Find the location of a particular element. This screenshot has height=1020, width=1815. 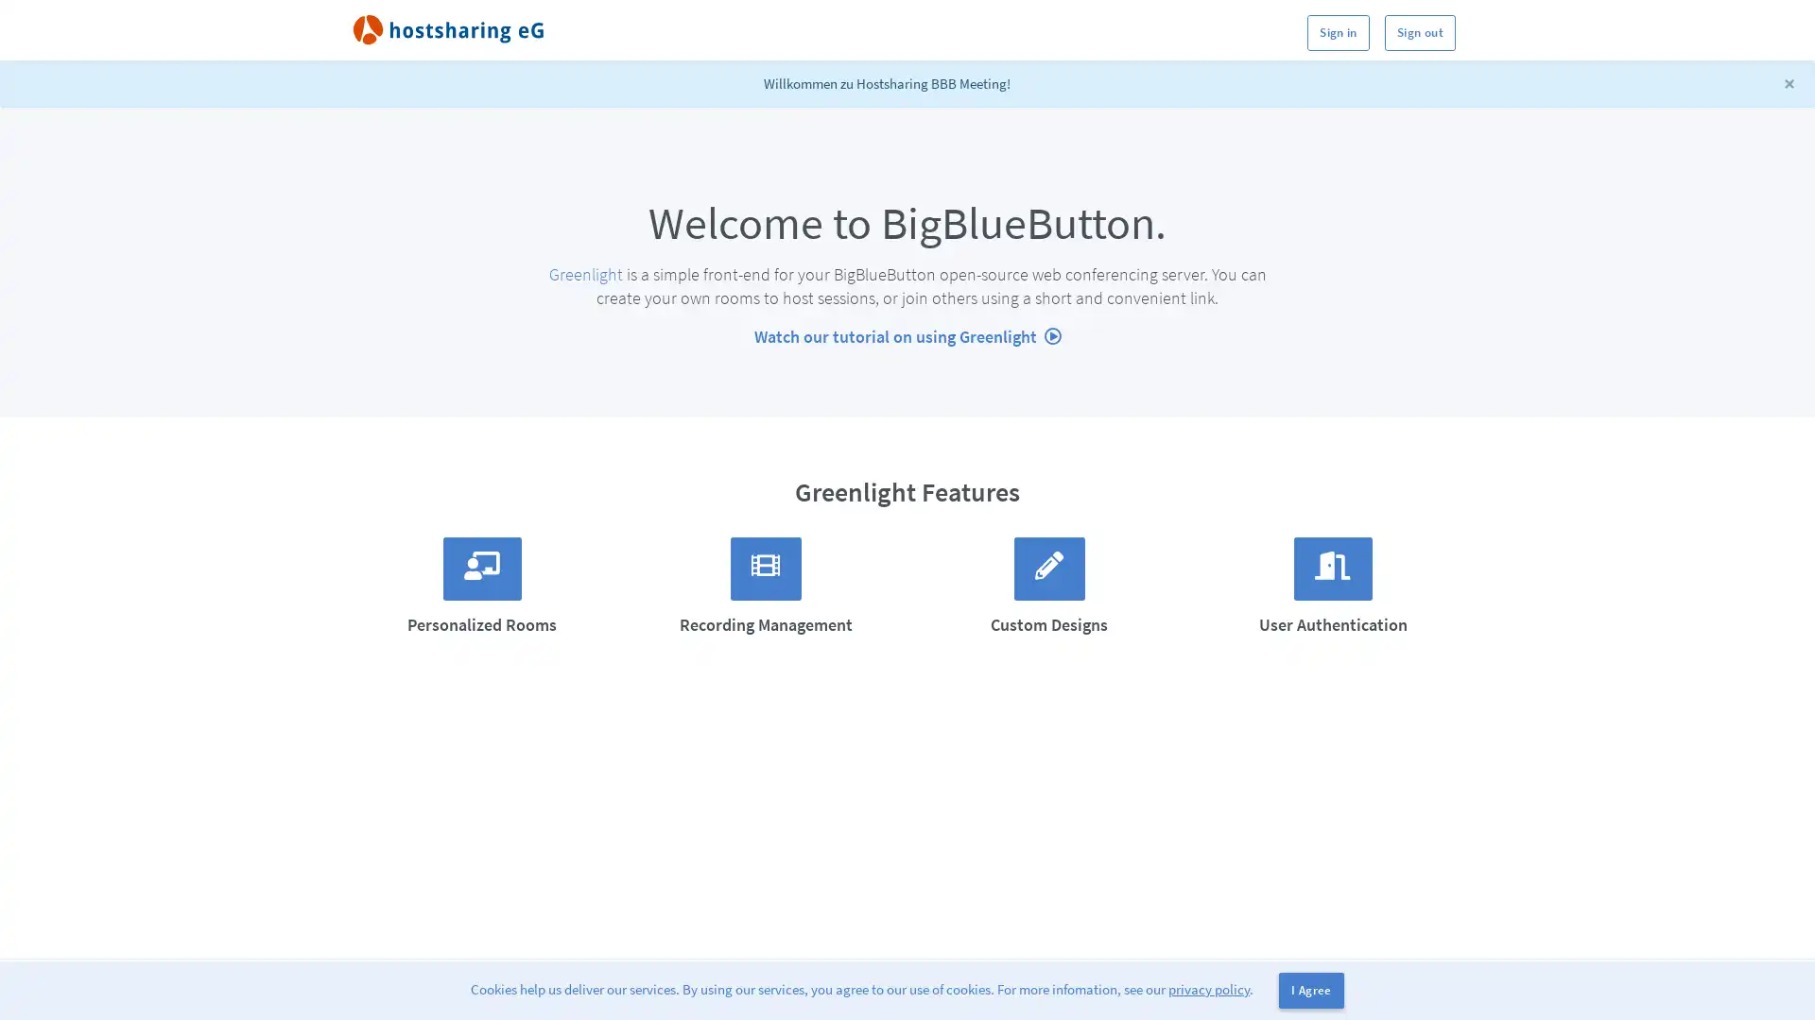

I Agree is located at coordinates (1310, 990).